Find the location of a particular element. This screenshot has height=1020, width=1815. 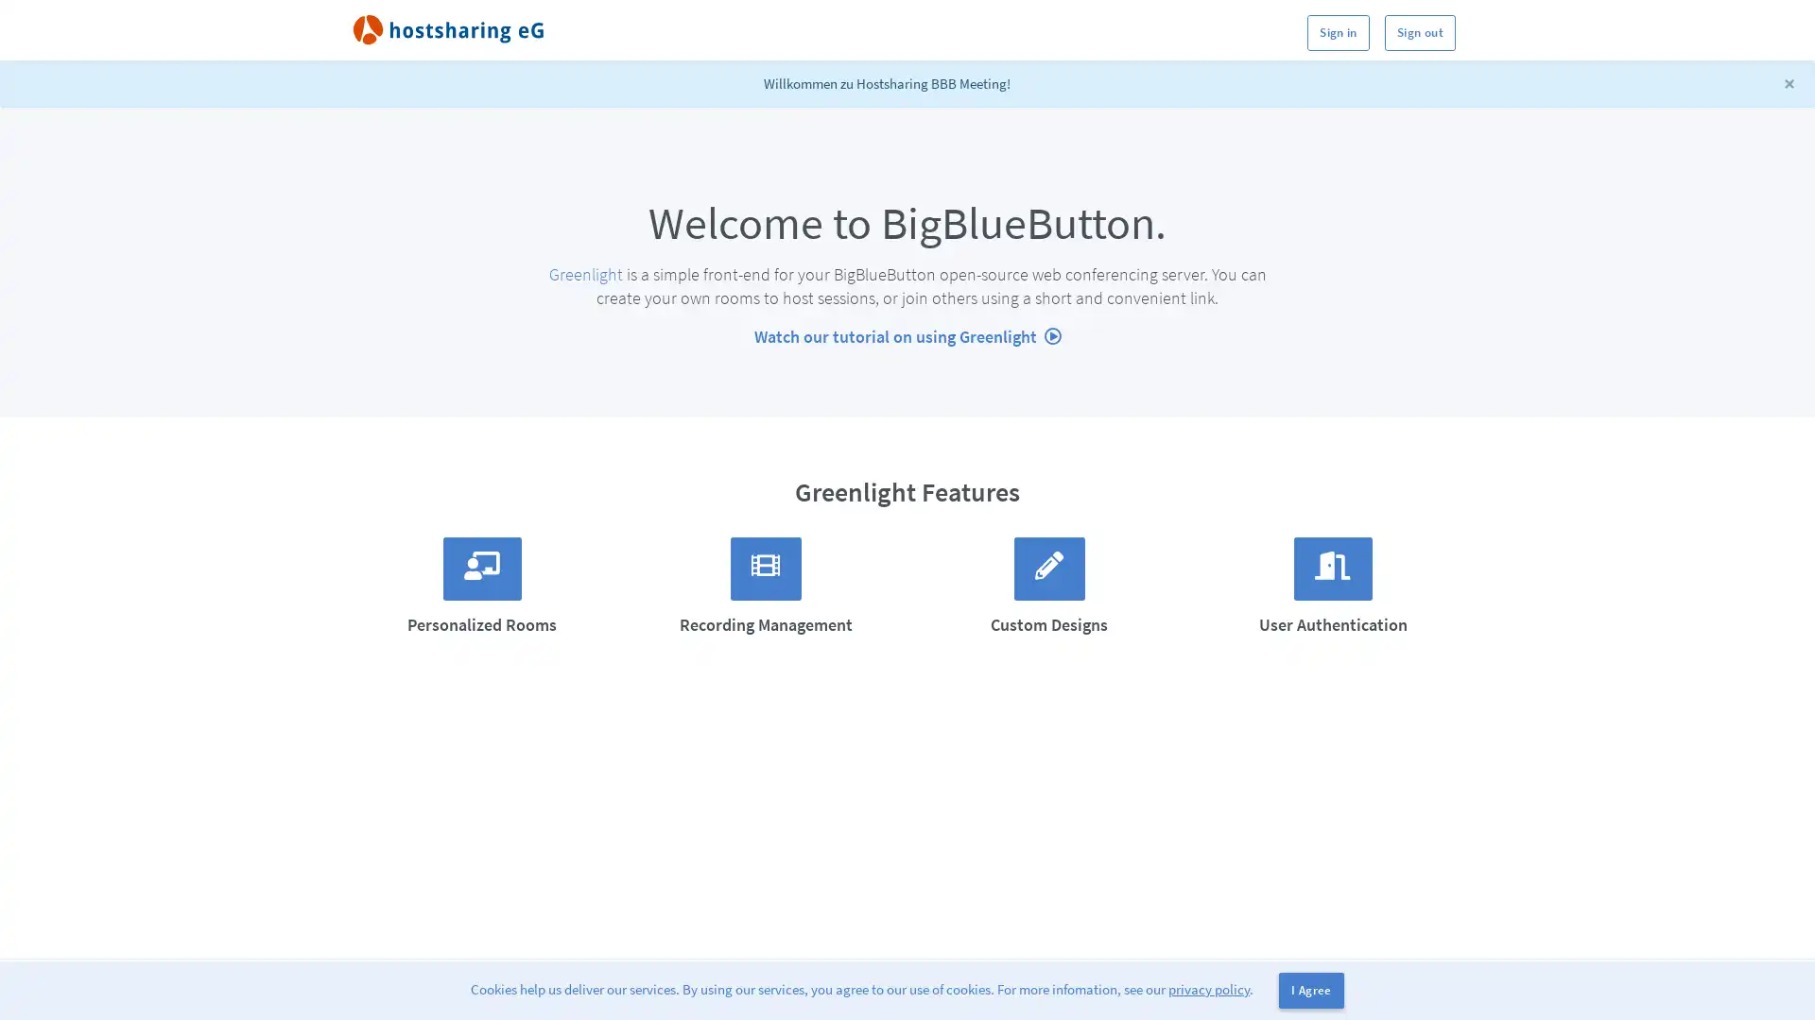

I Agree is located at coordinates (1310, 990).